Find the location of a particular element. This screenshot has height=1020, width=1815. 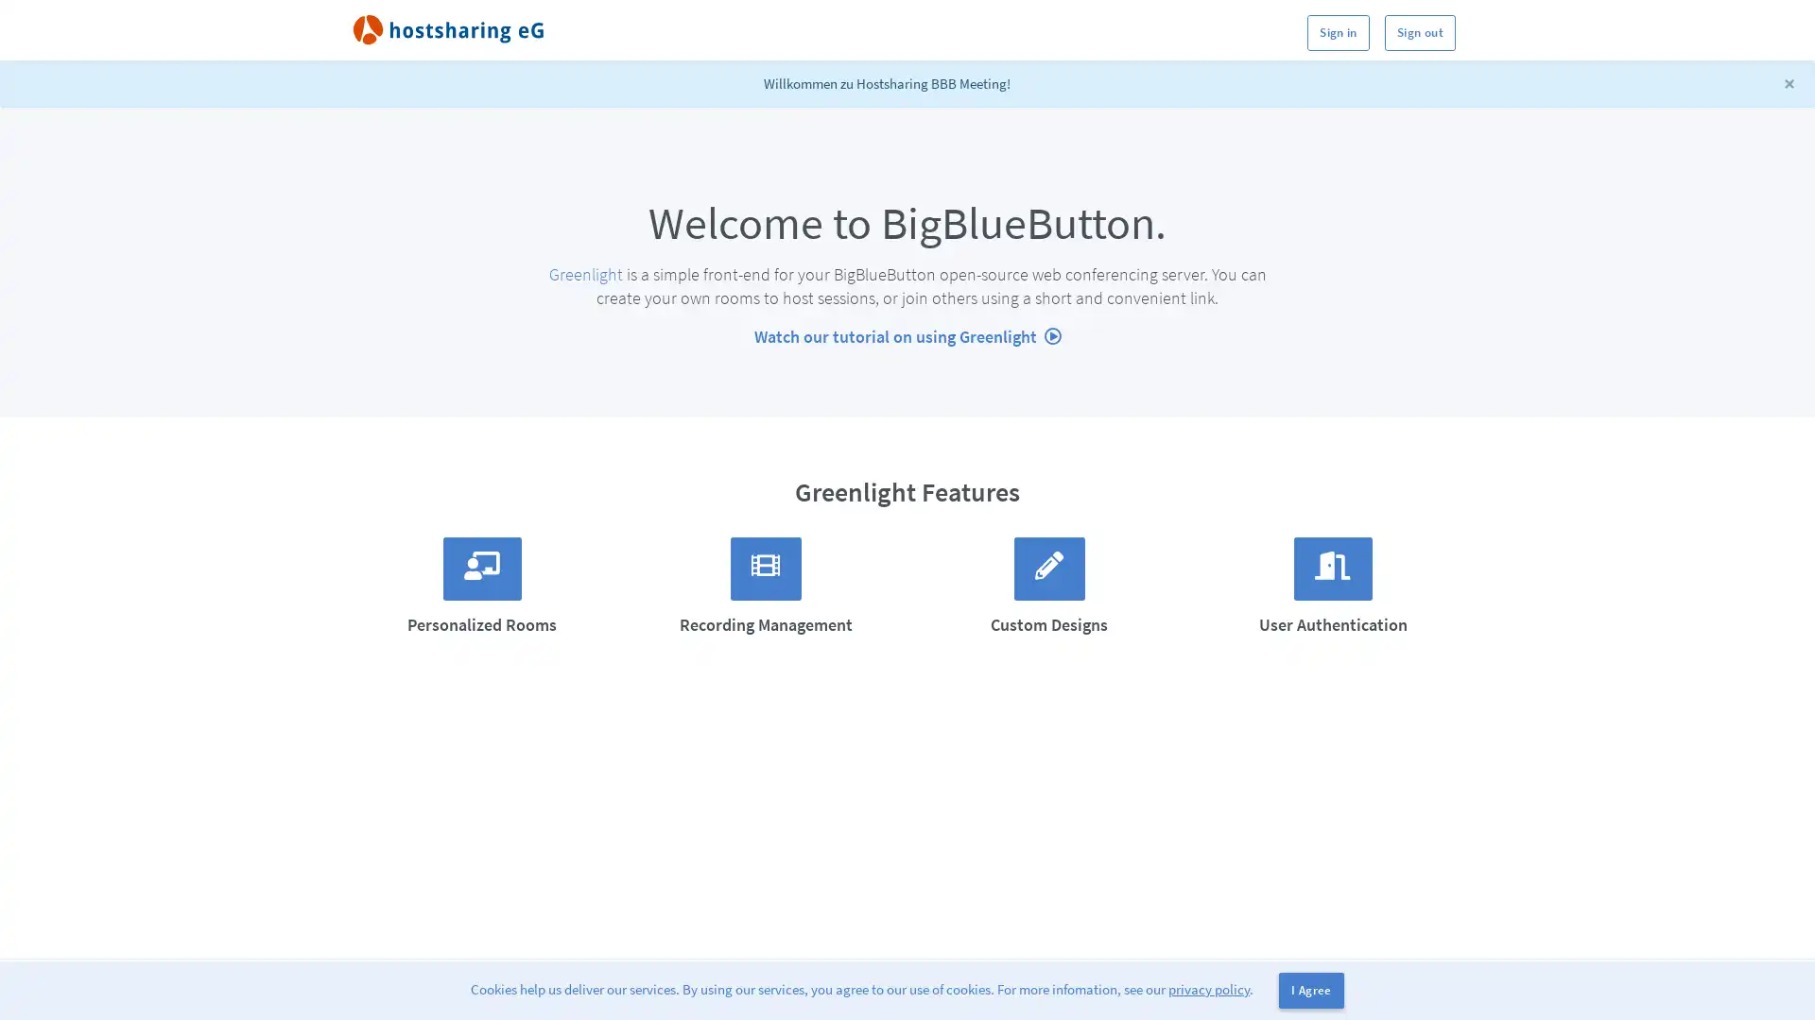

I Agree is located at coordinates (1310, 990).